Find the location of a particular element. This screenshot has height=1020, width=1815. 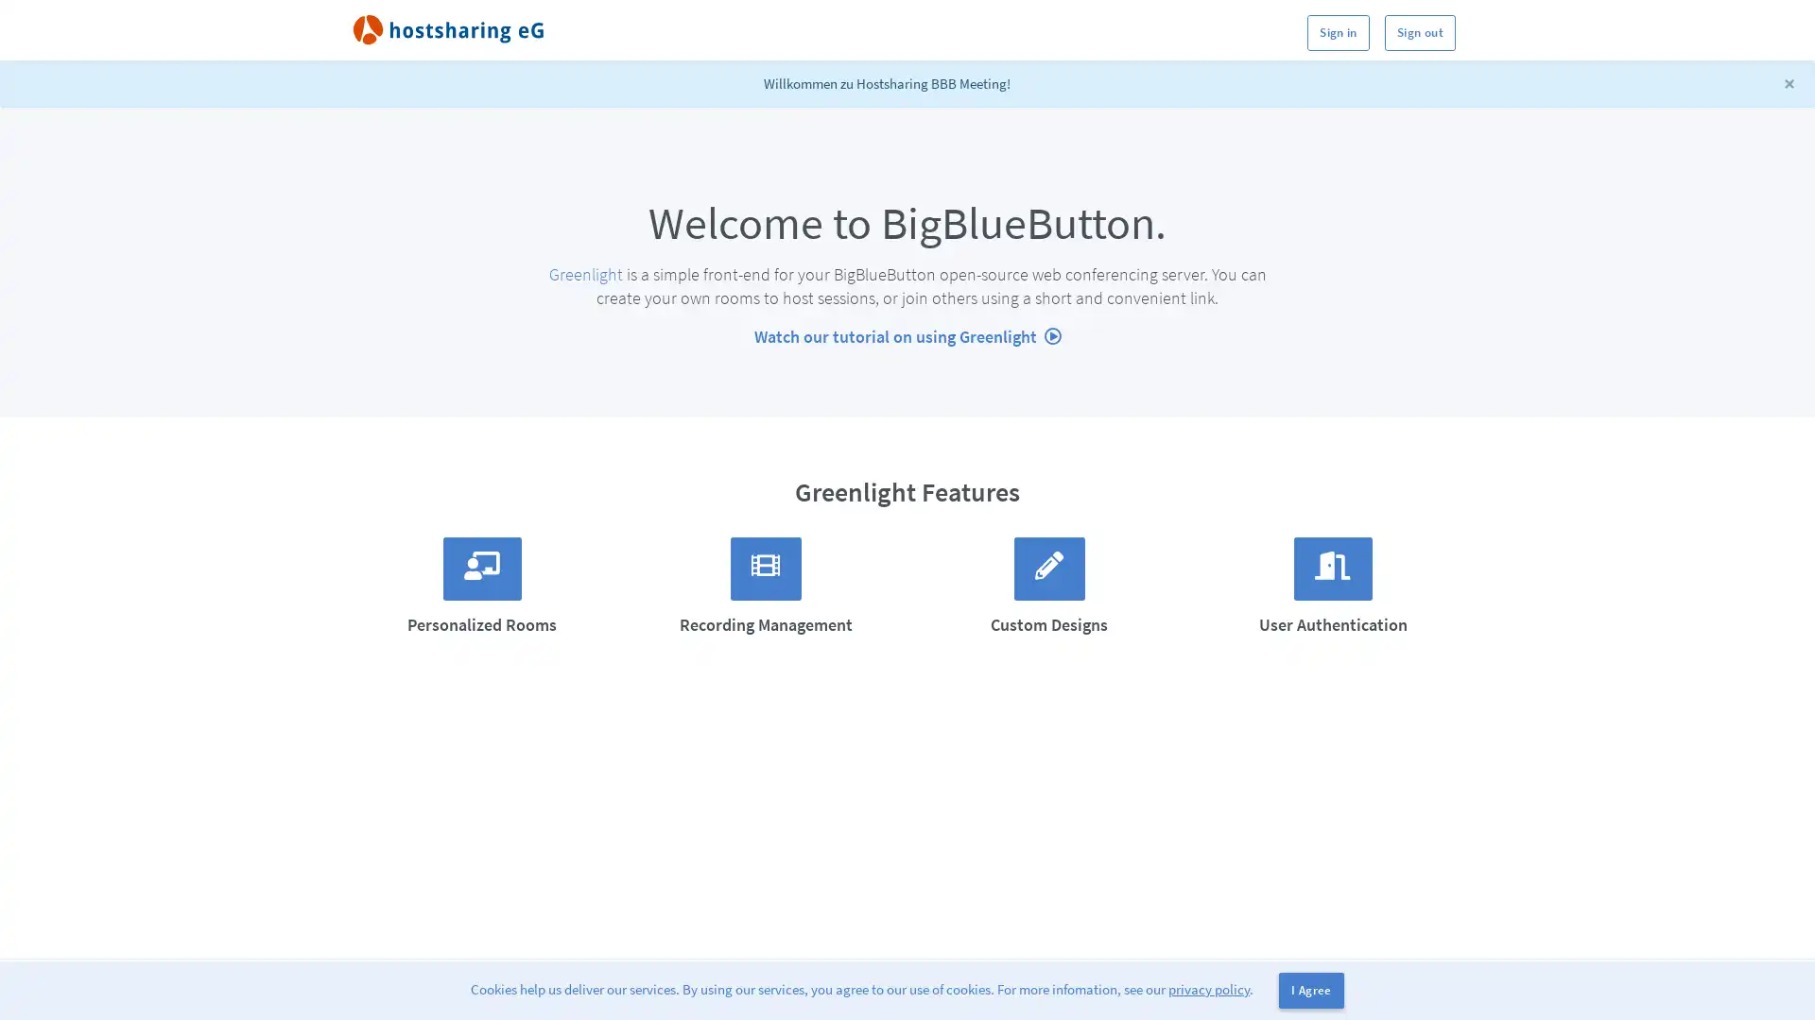

I Agree is located at coordinates (1310, 990).